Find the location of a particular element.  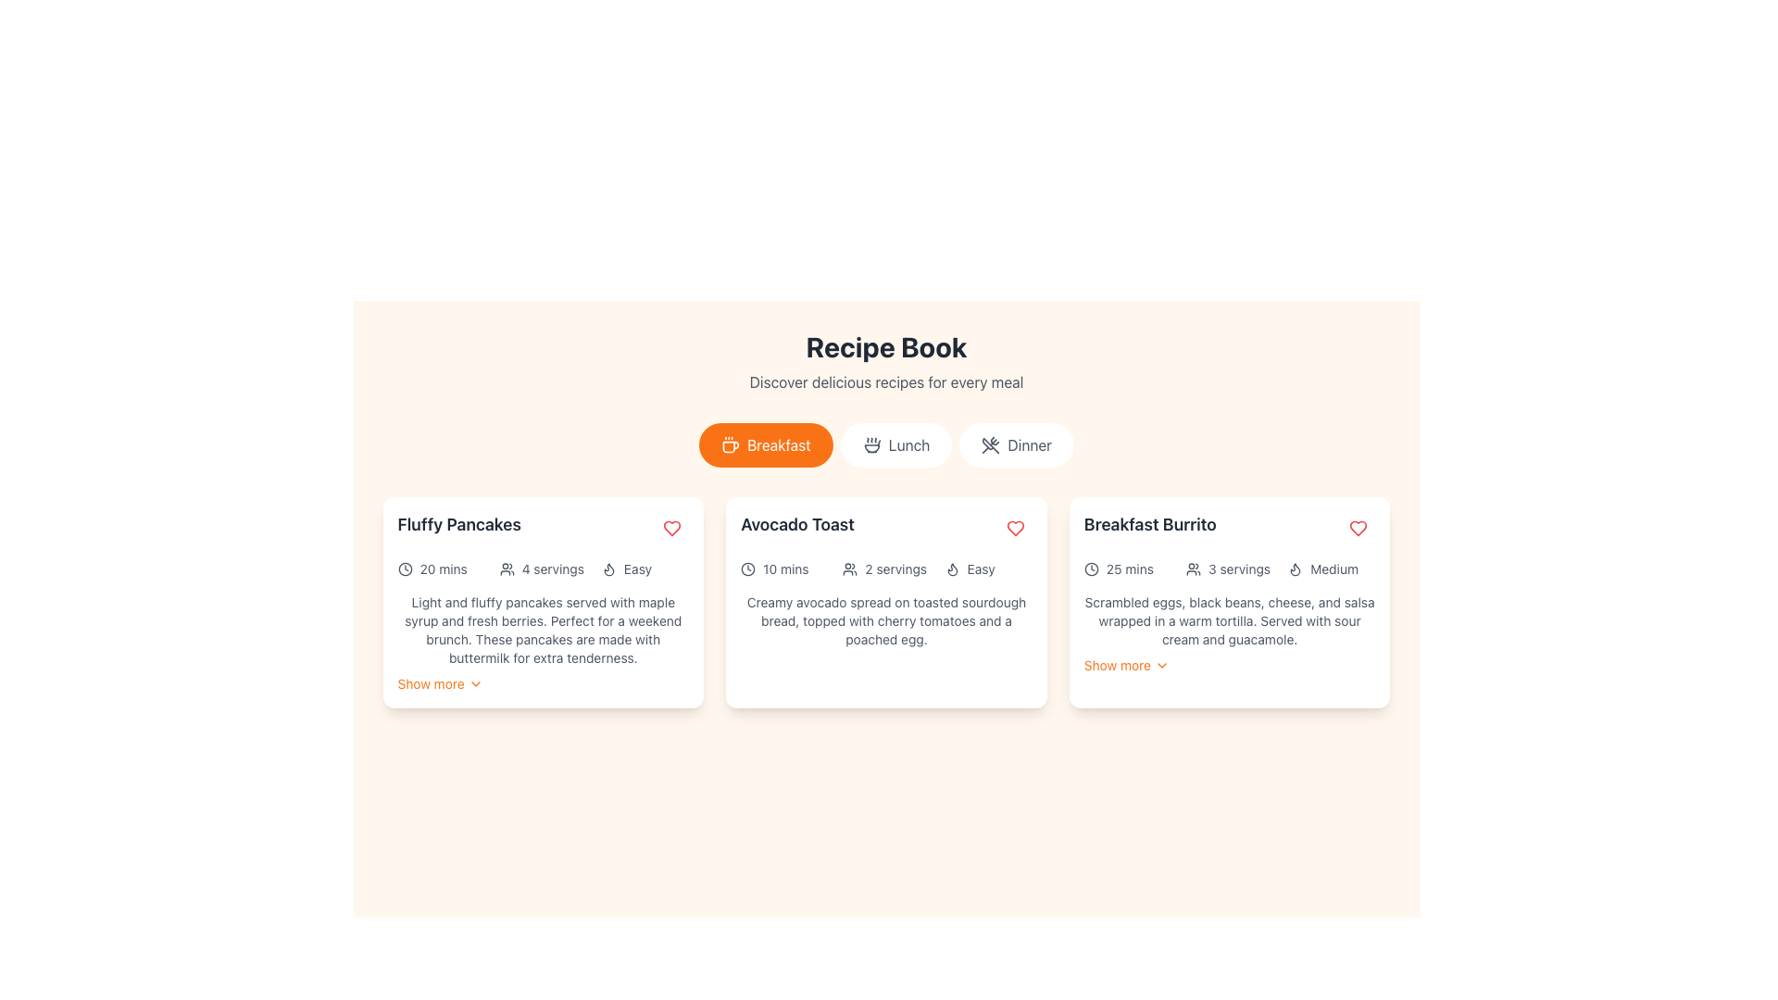

the third recipe card in the grid layout to read the description of the recipe it previews is located at coordinates (1230, 603).